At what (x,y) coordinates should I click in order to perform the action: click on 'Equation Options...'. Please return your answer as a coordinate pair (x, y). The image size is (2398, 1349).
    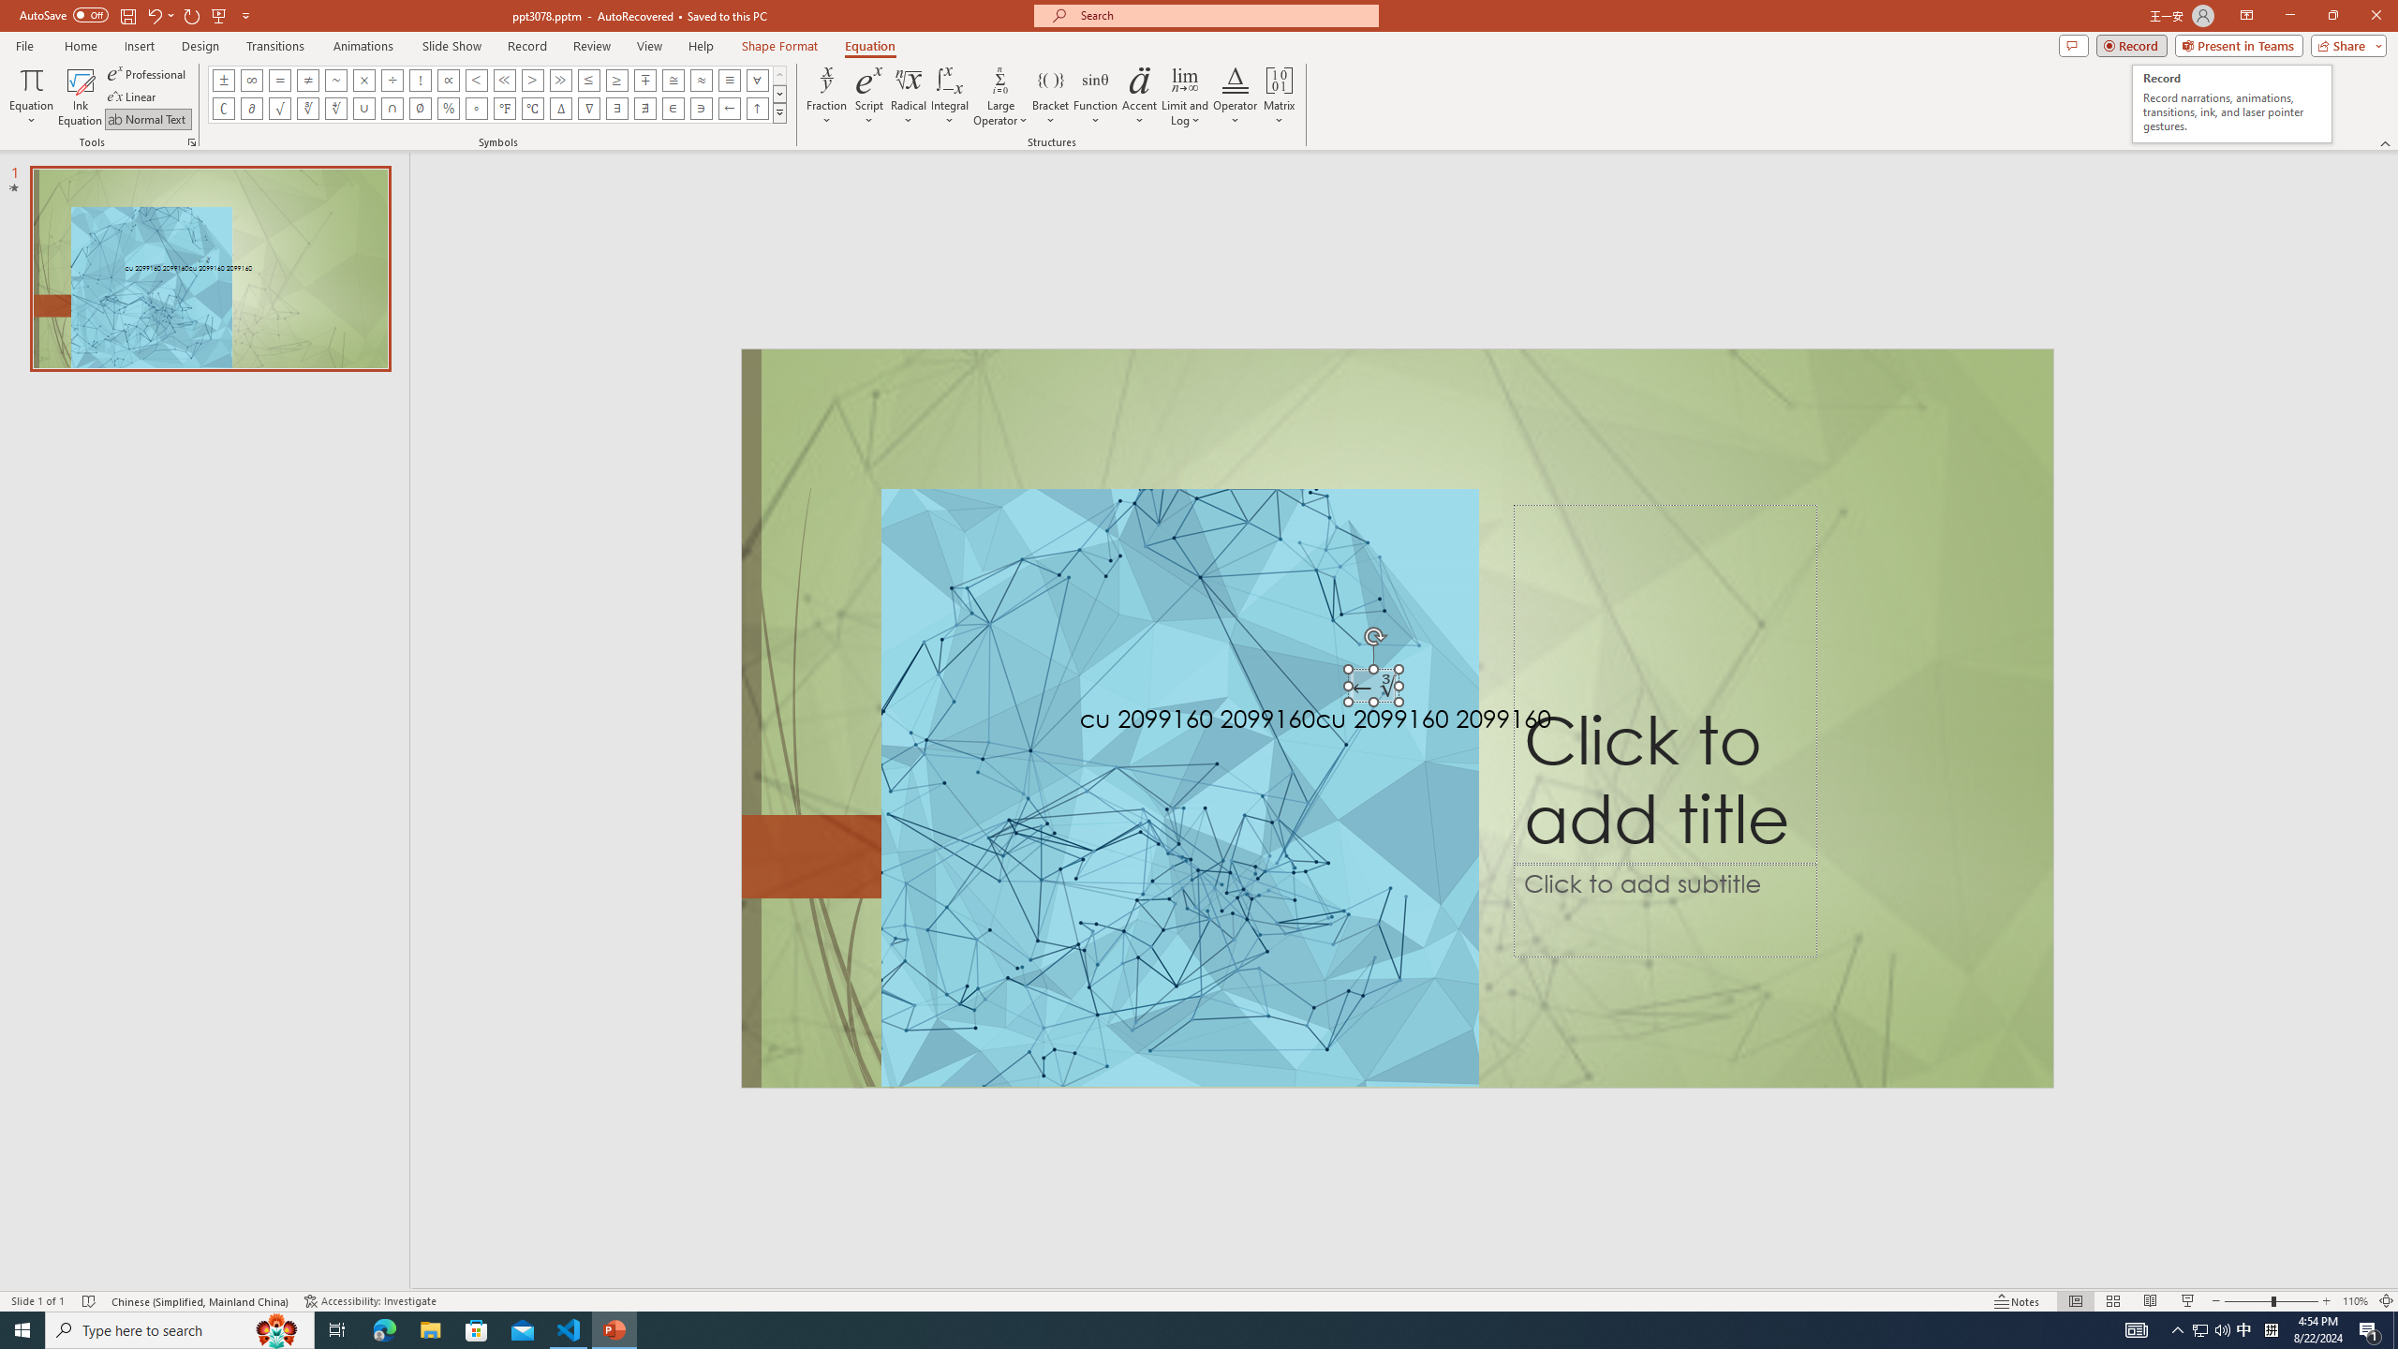
    Looking at the image, I should click on (190, 141).